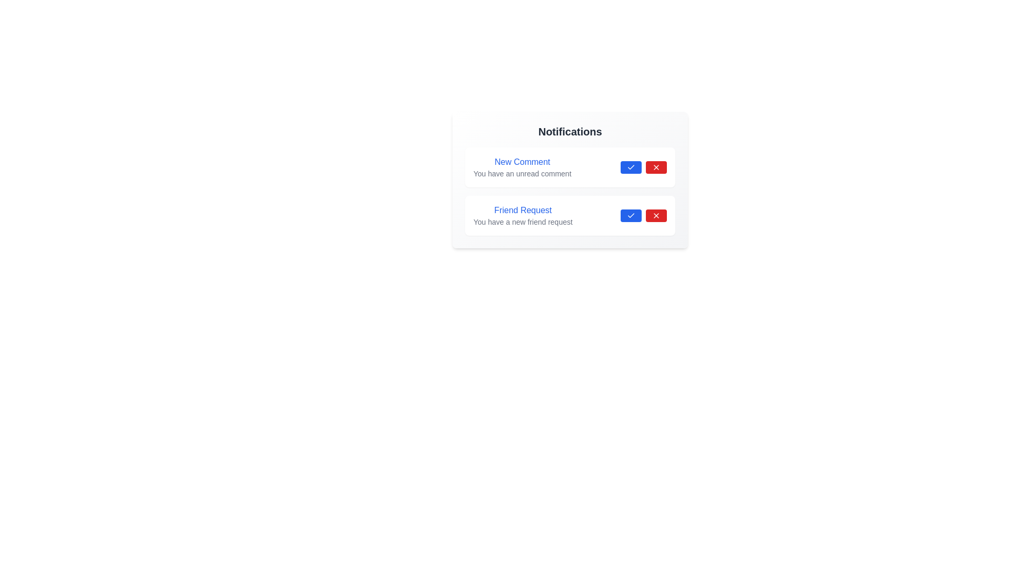 The width and height of the screenshot is (1009, 567). I want to click on the text display that informs the user about a new friend request, located in the second notification card of the notifications list, so click(523, 215).